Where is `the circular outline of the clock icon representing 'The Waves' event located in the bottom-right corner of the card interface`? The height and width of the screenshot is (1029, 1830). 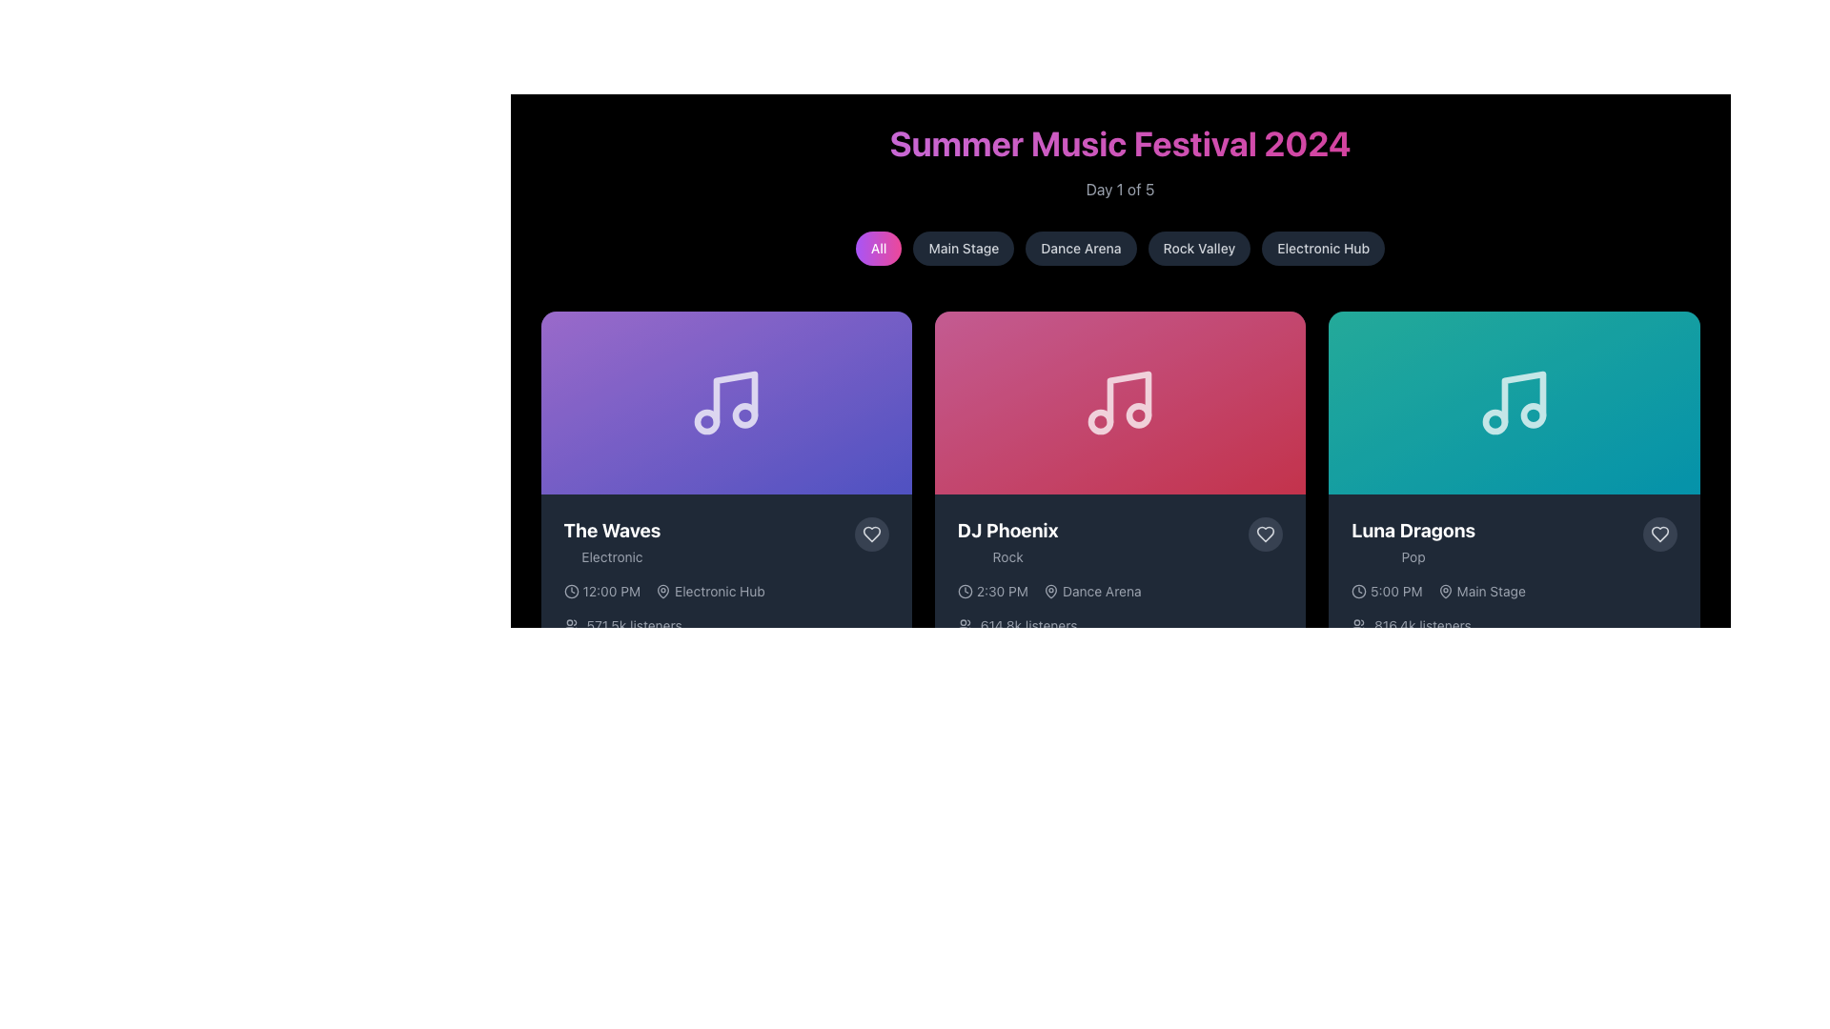 the circular outline of the clock icon representing 'The Waves' event located in the bottom-right corner of the card interface is located at coordinates (570, 591).